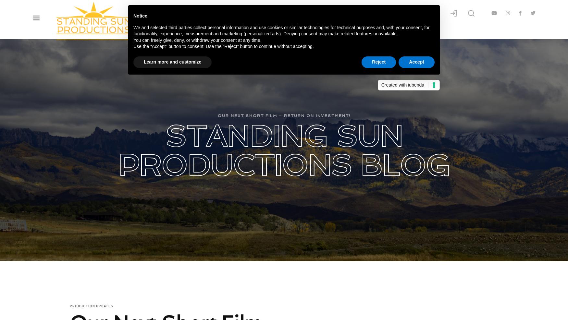 The width and height of the screenshot is (568, 320). What do you see at coordinates (140, 15) in the screenshot?
I see `'Notice'` at bounding box center [140, 15].